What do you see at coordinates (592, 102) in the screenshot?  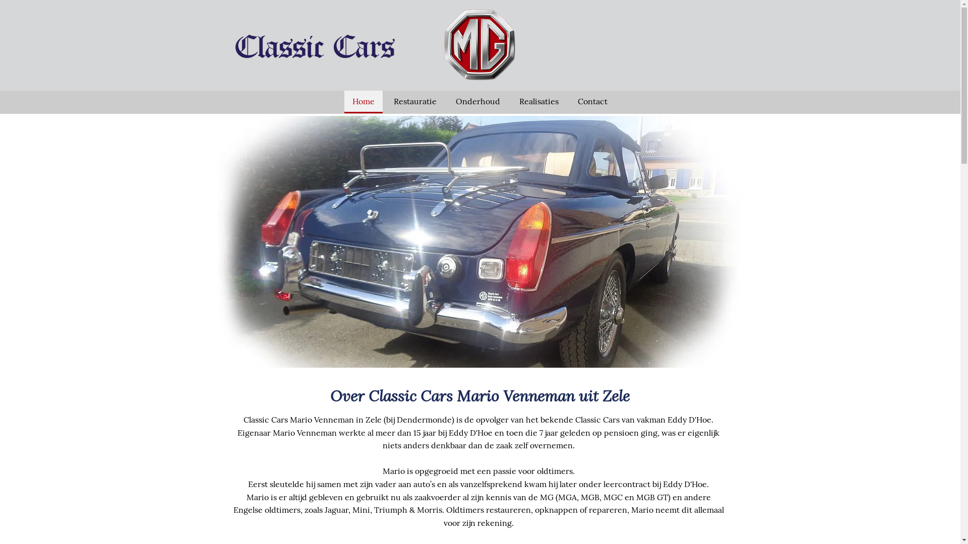 I see `'Contact'` at bounding box center [592, 102].